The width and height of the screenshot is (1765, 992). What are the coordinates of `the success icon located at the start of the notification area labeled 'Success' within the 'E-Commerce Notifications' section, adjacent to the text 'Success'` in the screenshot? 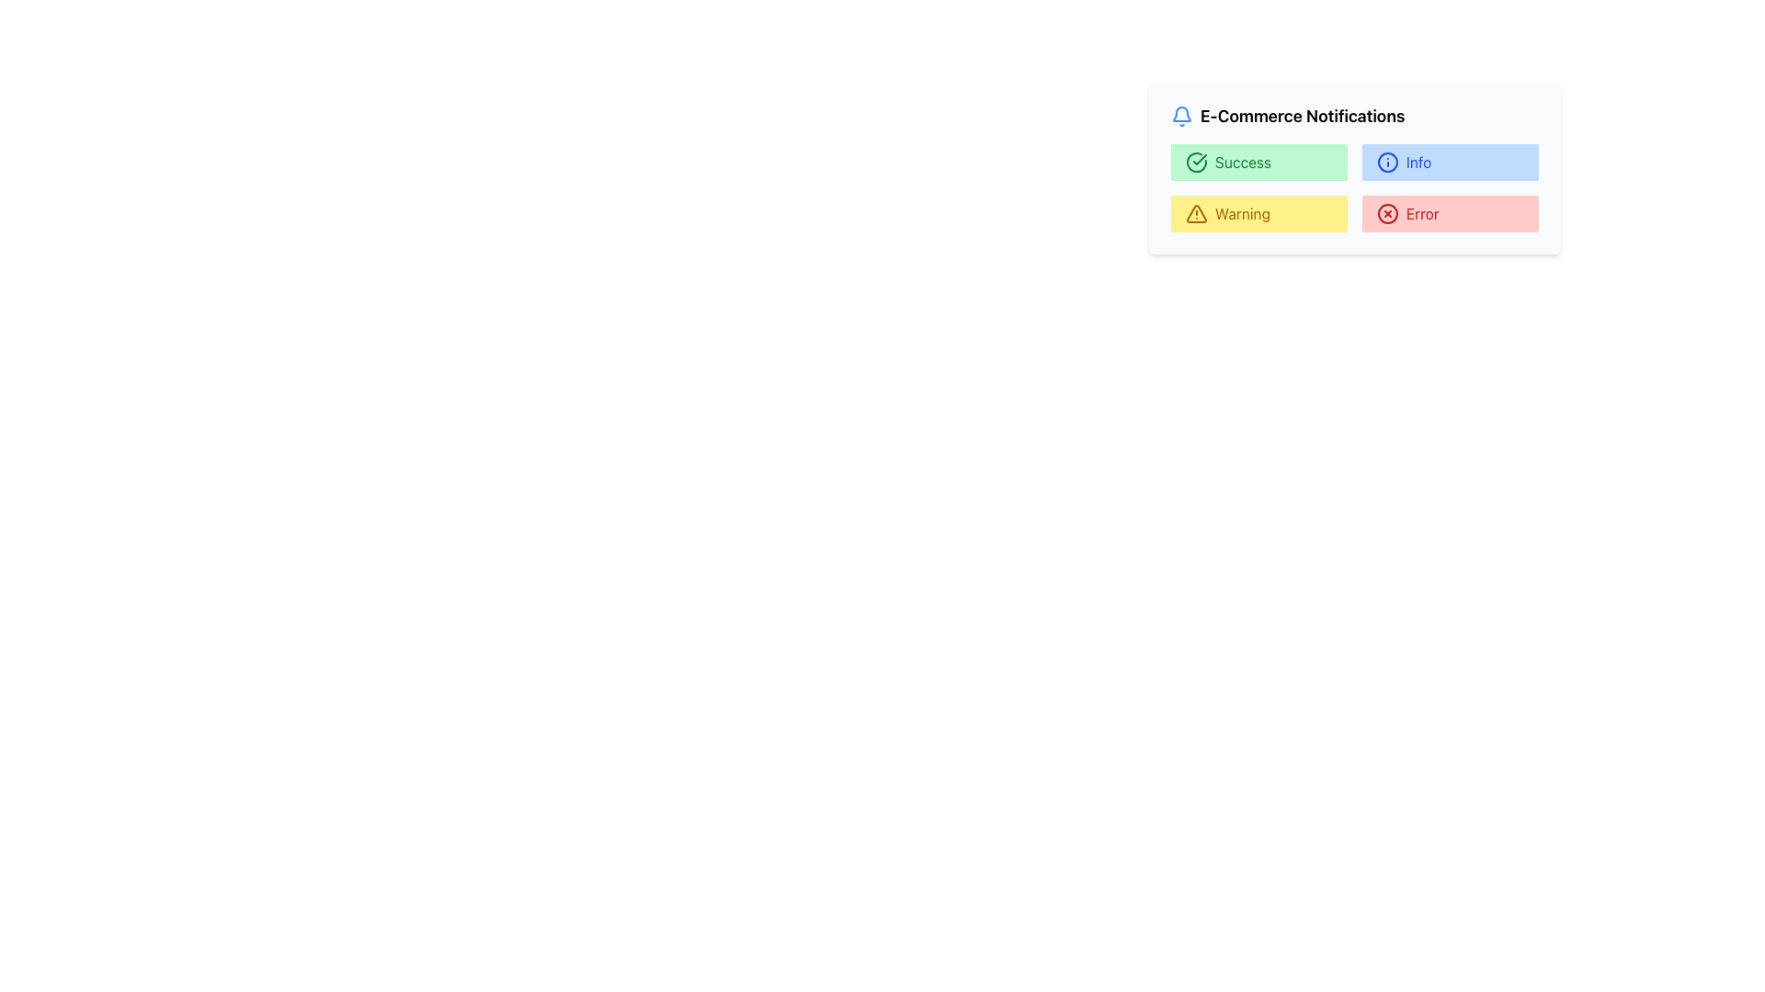 It's located at (1196, 162).